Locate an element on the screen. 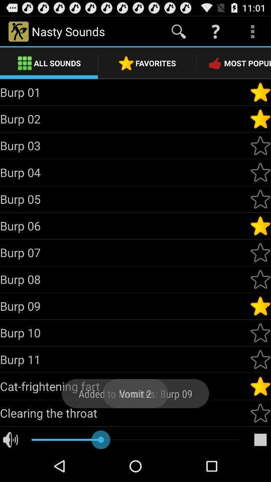 This screenshot has width=271, height=482. as most popular is located at coordinates (260, 172).